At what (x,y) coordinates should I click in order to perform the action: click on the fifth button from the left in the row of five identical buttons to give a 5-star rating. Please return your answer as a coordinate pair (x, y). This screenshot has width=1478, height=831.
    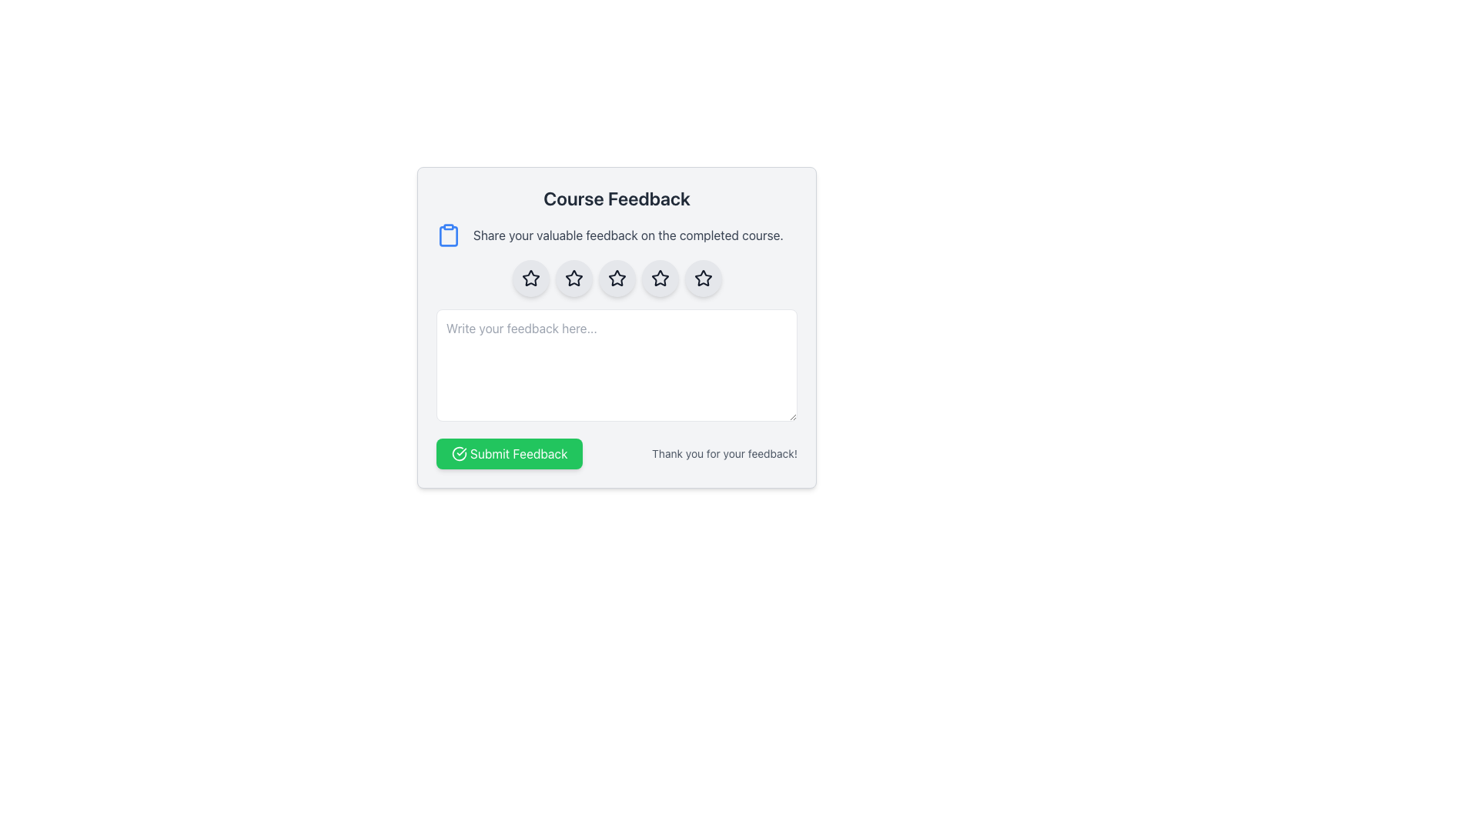
    Looking at the image, I should click on (702, 279).